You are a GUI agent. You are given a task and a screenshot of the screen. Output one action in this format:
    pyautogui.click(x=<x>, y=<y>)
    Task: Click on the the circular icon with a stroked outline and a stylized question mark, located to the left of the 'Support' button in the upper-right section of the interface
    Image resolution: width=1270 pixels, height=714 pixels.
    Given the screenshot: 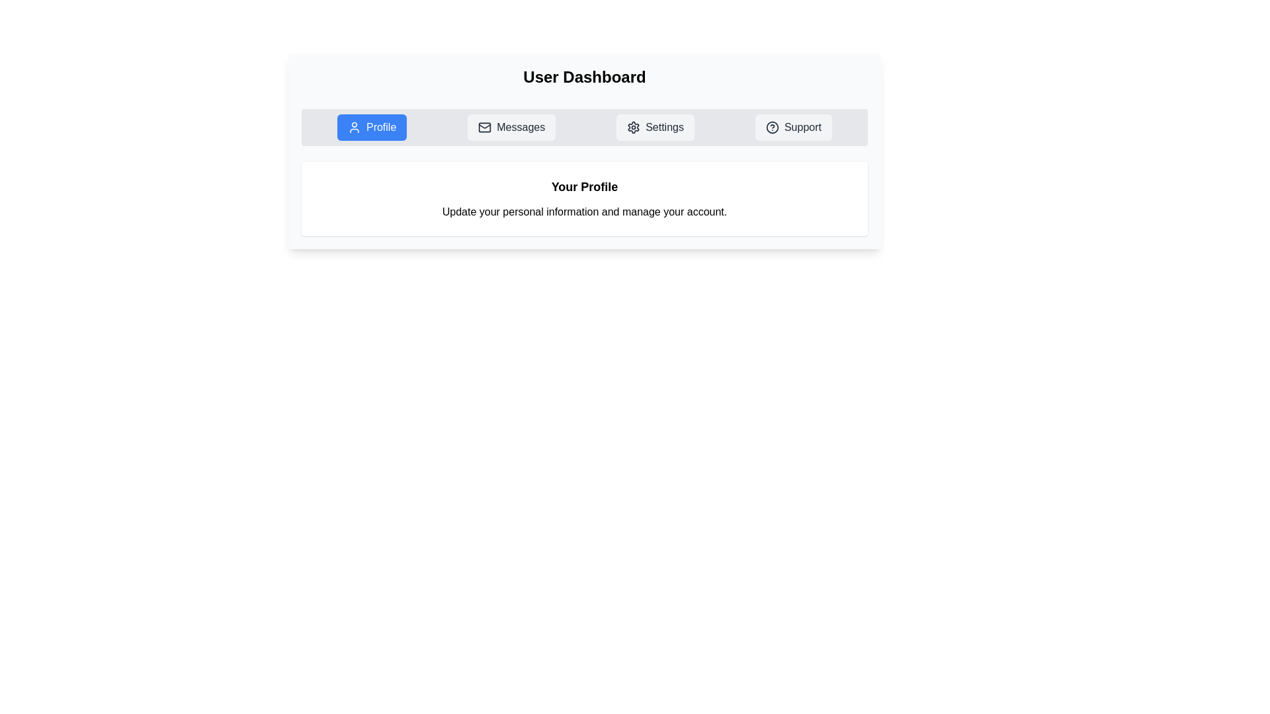 What is the action you would take?
    pyautogui.click(x=772, y=127)
    